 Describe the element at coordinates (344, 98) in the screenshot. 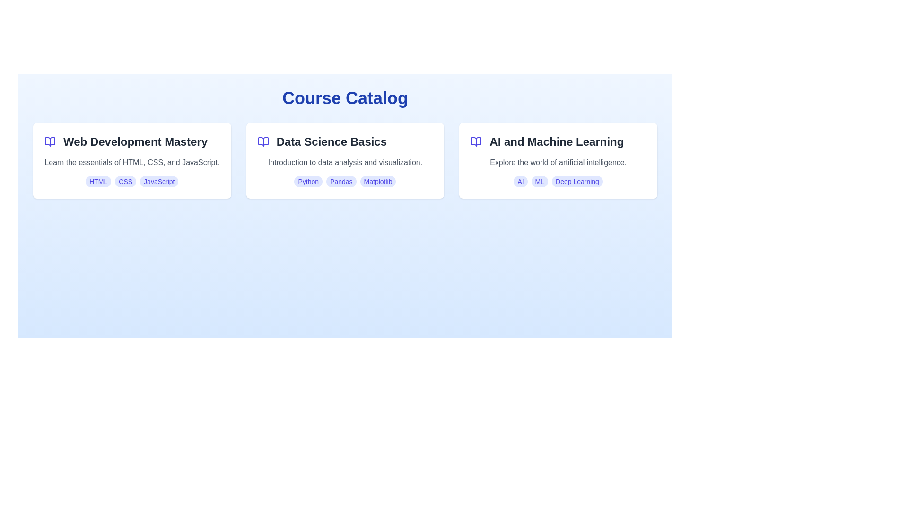

I see `the Static Text element that serves as a title for the course catalog, positioned at the top center of the webpage` at that location.